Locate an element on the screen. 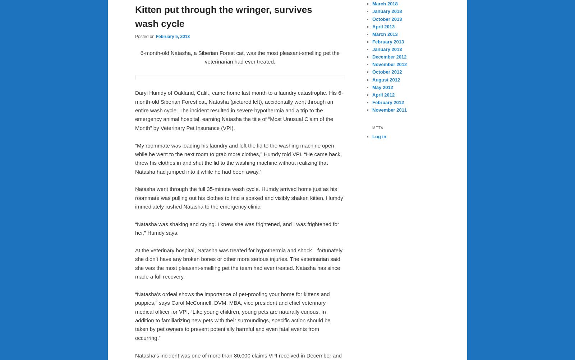 The image size is (575, 360). '“My roommate was loading his laundry and left the lid to the washing machine open while he went to the next room to grab more clothes,” Humdy told VPI. “He came back, threw his clothes in and shut the lid to the washing machine without realizing that Natasha had jumped into it while he had been away.”' is located at coordinates (238, 158).